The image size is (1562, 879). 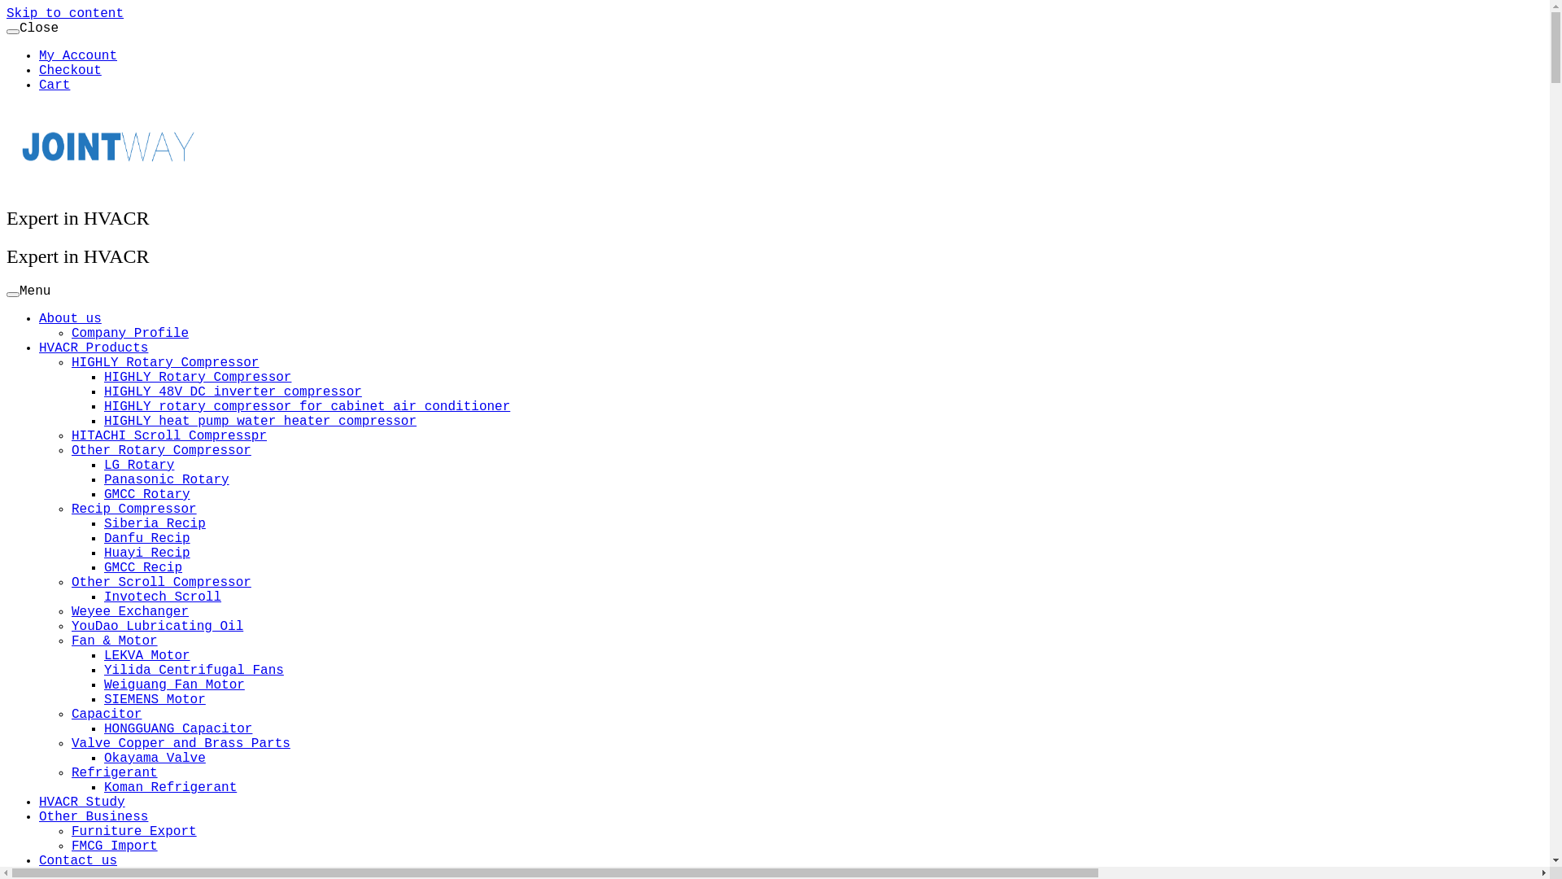 What do you see at coordinates (69, 319) in the screenshot?
I see `'About us'` at bounding box center [69, 319].